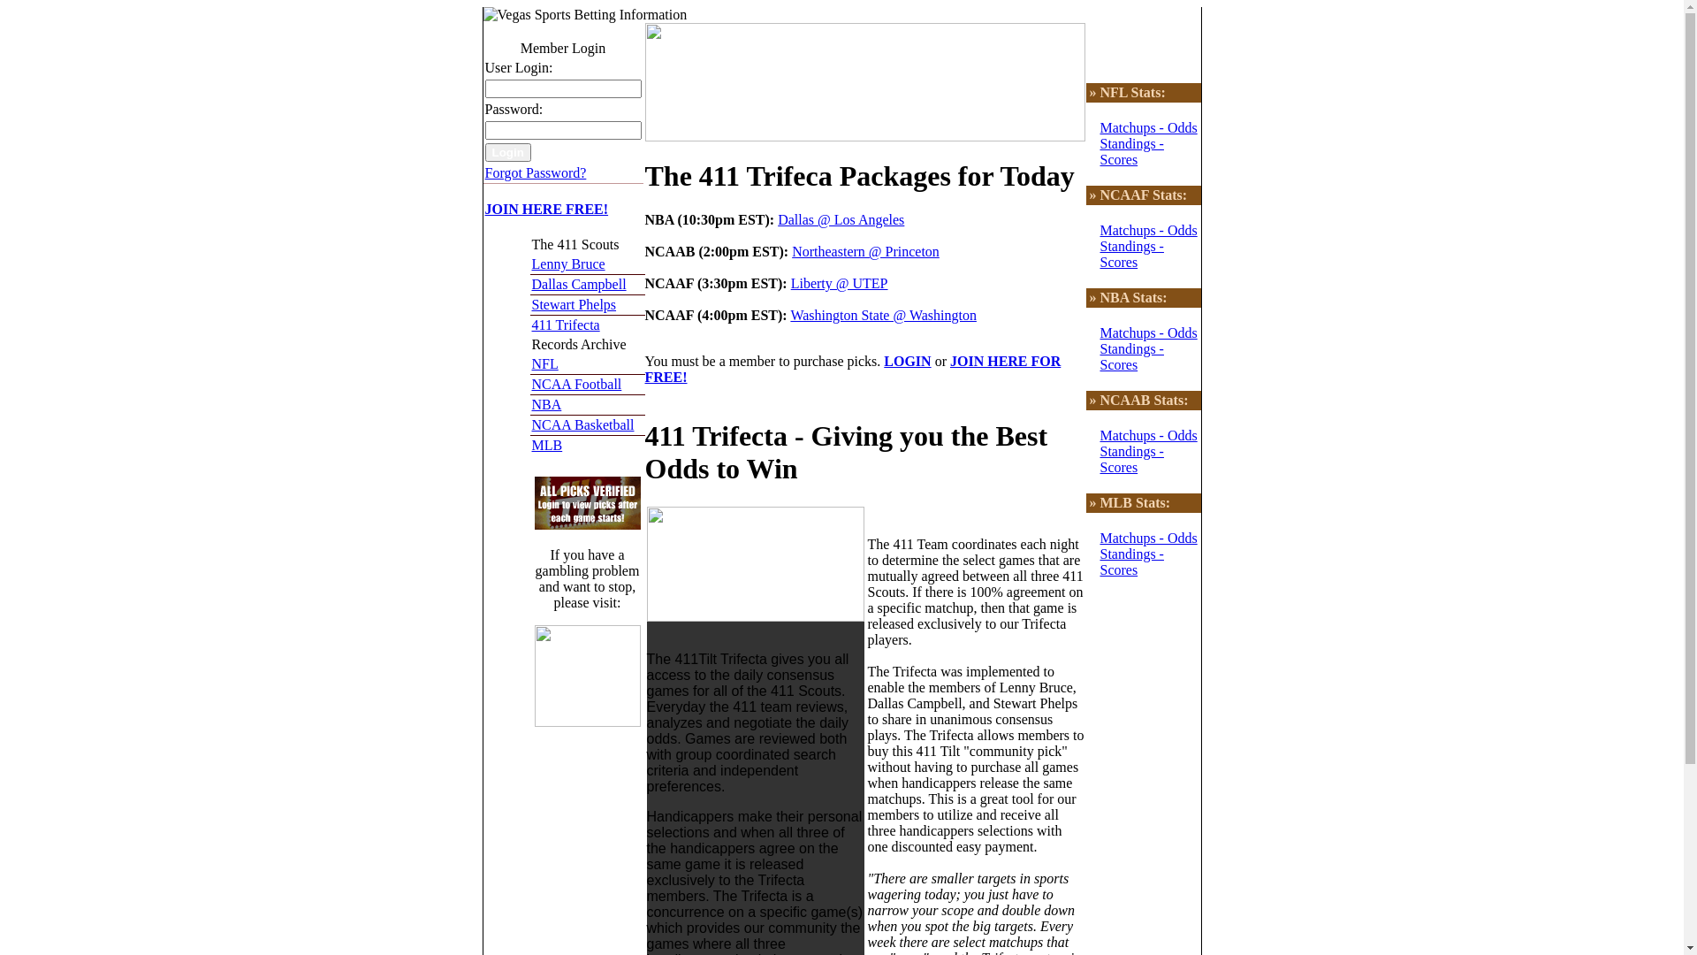 The width and height of the screenshot is (1697, 955). What do you see at coordinates (840, 218) in the screenshot?
I see `'Dallas @ Los Angeles'` at bounding box center [840, 218].